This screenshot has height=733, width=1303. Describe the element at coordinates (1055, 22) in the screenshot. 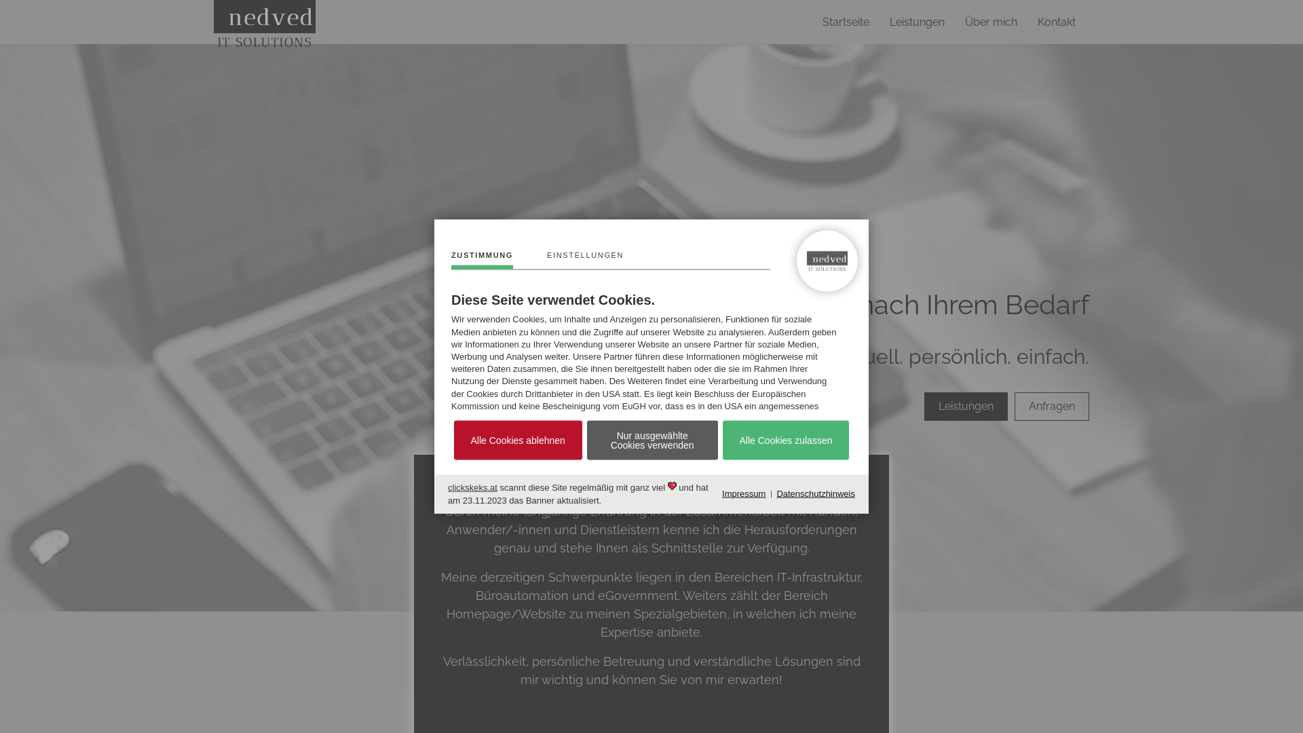

I see `'Kontakt'` at that location.